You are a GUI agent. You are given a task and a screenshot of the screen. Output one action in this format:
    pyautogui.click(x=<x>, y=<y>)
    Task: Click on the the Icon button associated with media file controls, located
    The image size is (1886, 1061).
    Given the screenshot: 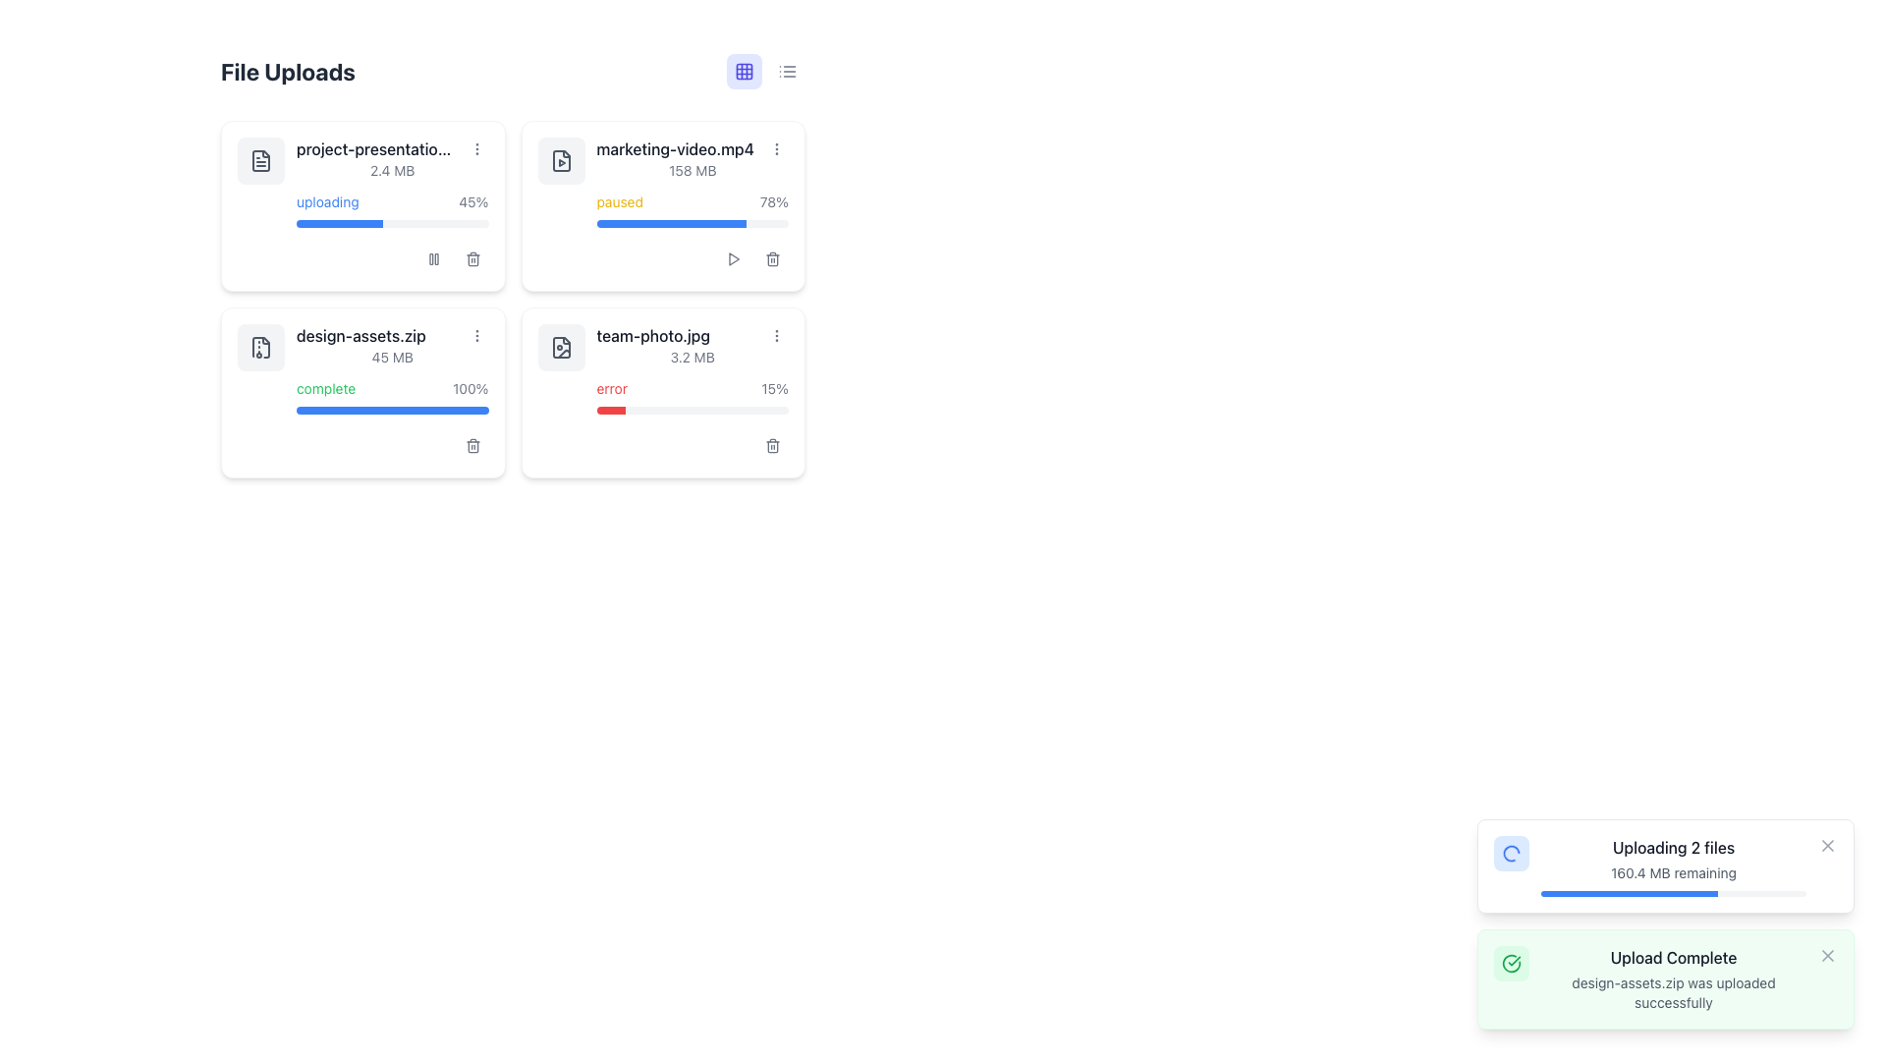 What is the action you would take?
    pyautogui.click(x=733, y=257)
    